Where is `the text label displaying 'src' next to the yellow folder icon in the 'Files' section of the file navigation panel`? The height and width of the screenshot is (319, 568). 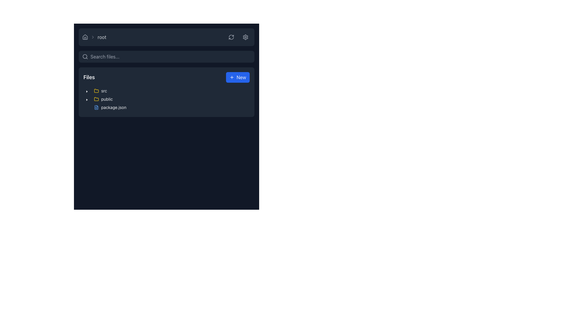
the text label displaying 'src' next to the yellow folder icon in the 'Files' section of the file navigation panel is located at coordinates (104, 91).